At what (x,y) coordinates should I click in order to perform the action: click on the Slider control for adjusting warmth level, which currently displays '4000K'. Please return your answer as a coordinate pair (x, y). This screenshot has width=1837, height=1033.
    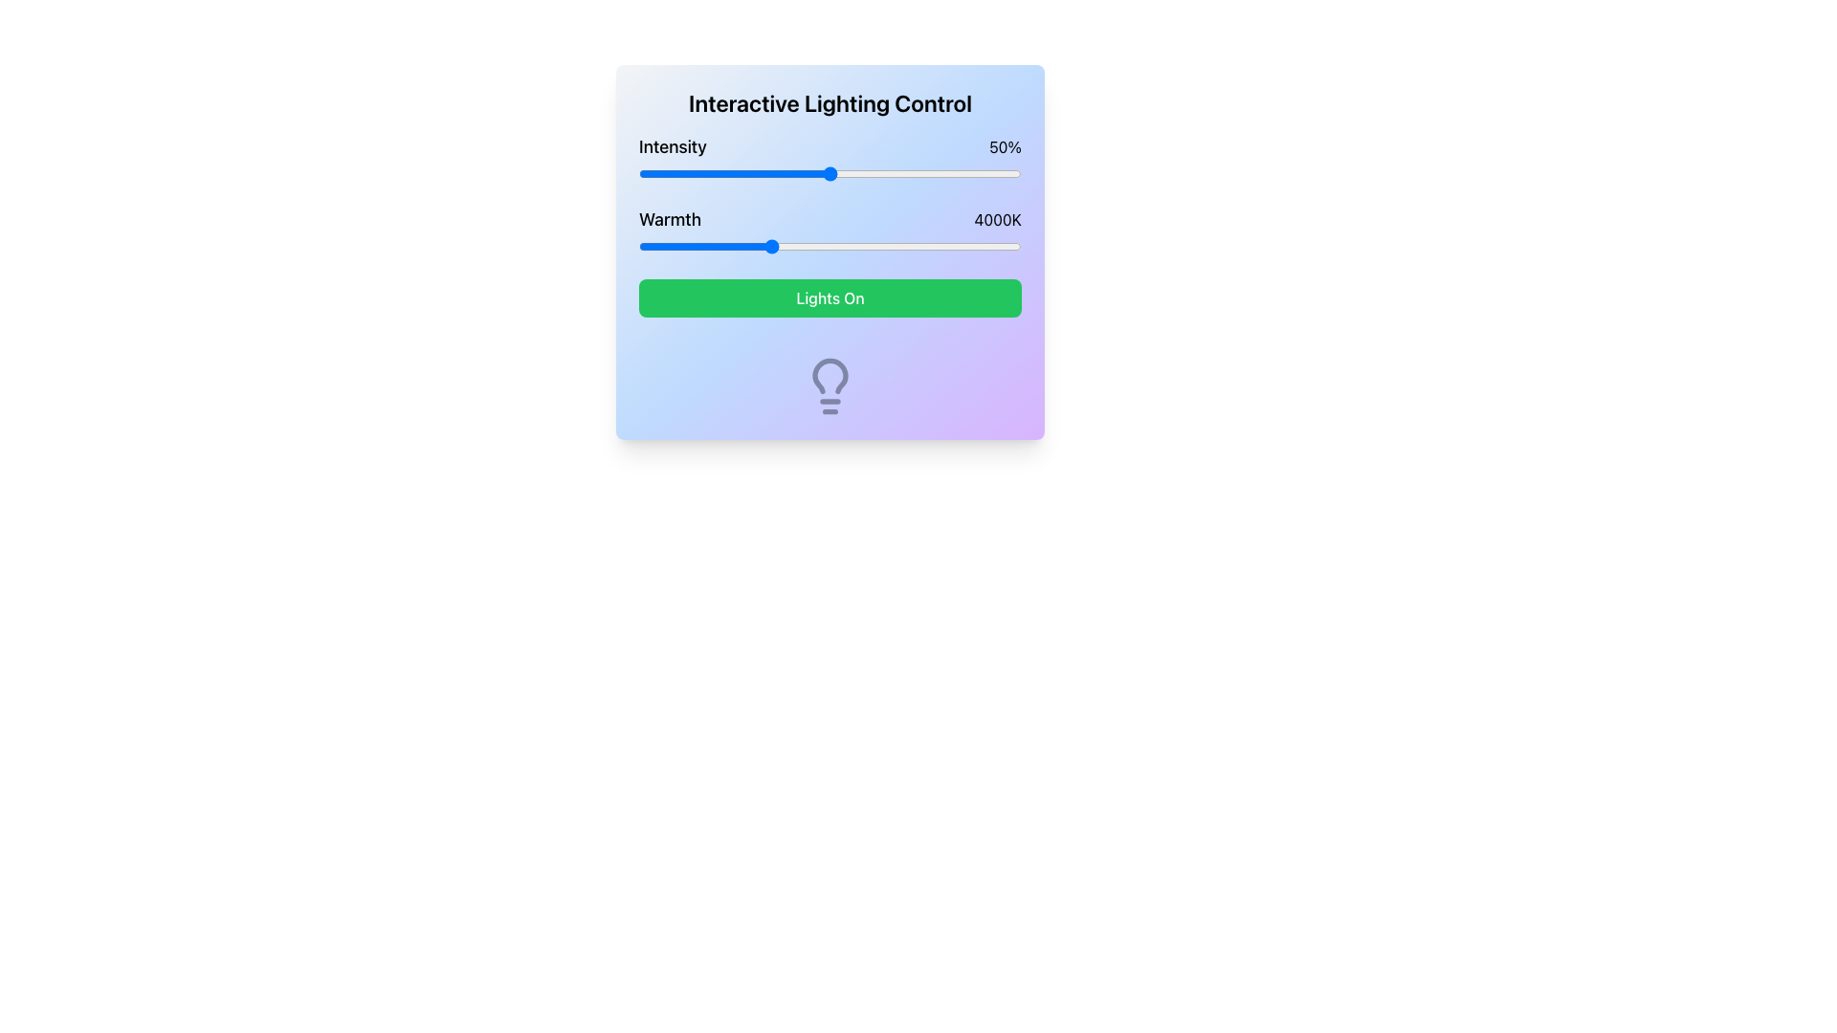
    Looking at the image, I should click on (830, 231).